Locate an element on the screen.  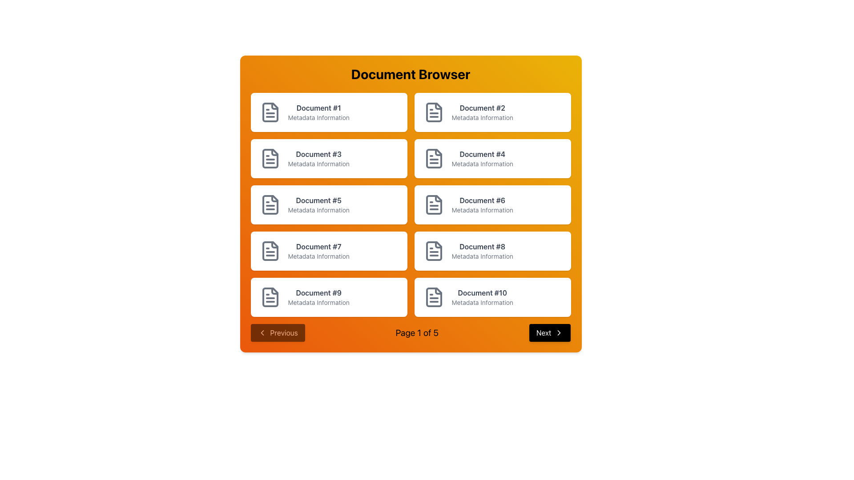
the informational card that summarizes or represents metadata for Document #8, located in the second row and second column of the grid layout is located at coordinates (492, 251).